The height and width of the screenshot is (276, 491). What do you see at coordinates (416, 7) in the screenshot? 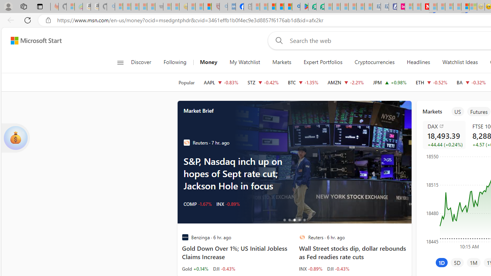
I see `'Microsoft Start - Sleeping'` at bounding box center [416, 7].